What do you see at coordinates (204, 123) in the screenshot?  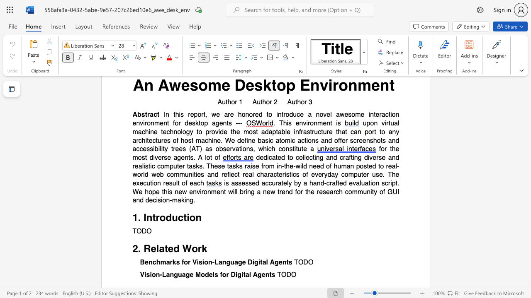 I see `the subset text "p agents ---" within the text "In this report, we are honored to introduce a novel awesome interaction environment for desktop agents ---"` at bounding box center [204, 123].